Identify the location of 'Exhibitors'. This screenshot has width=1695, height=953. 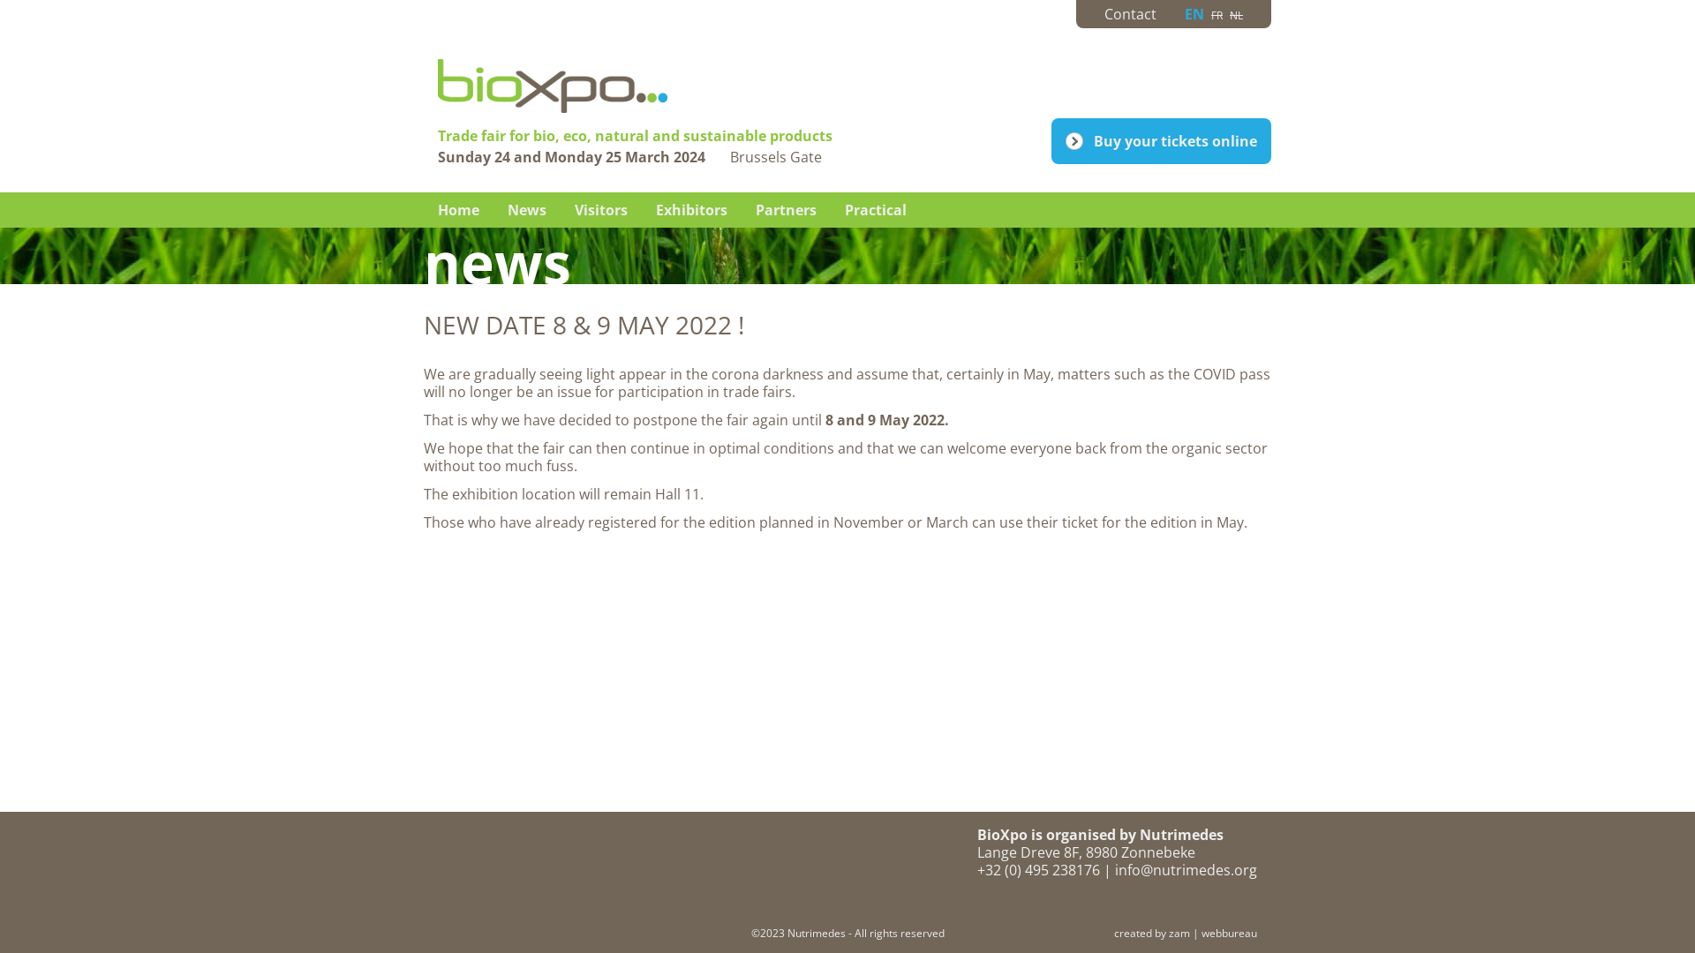
(640, 209).